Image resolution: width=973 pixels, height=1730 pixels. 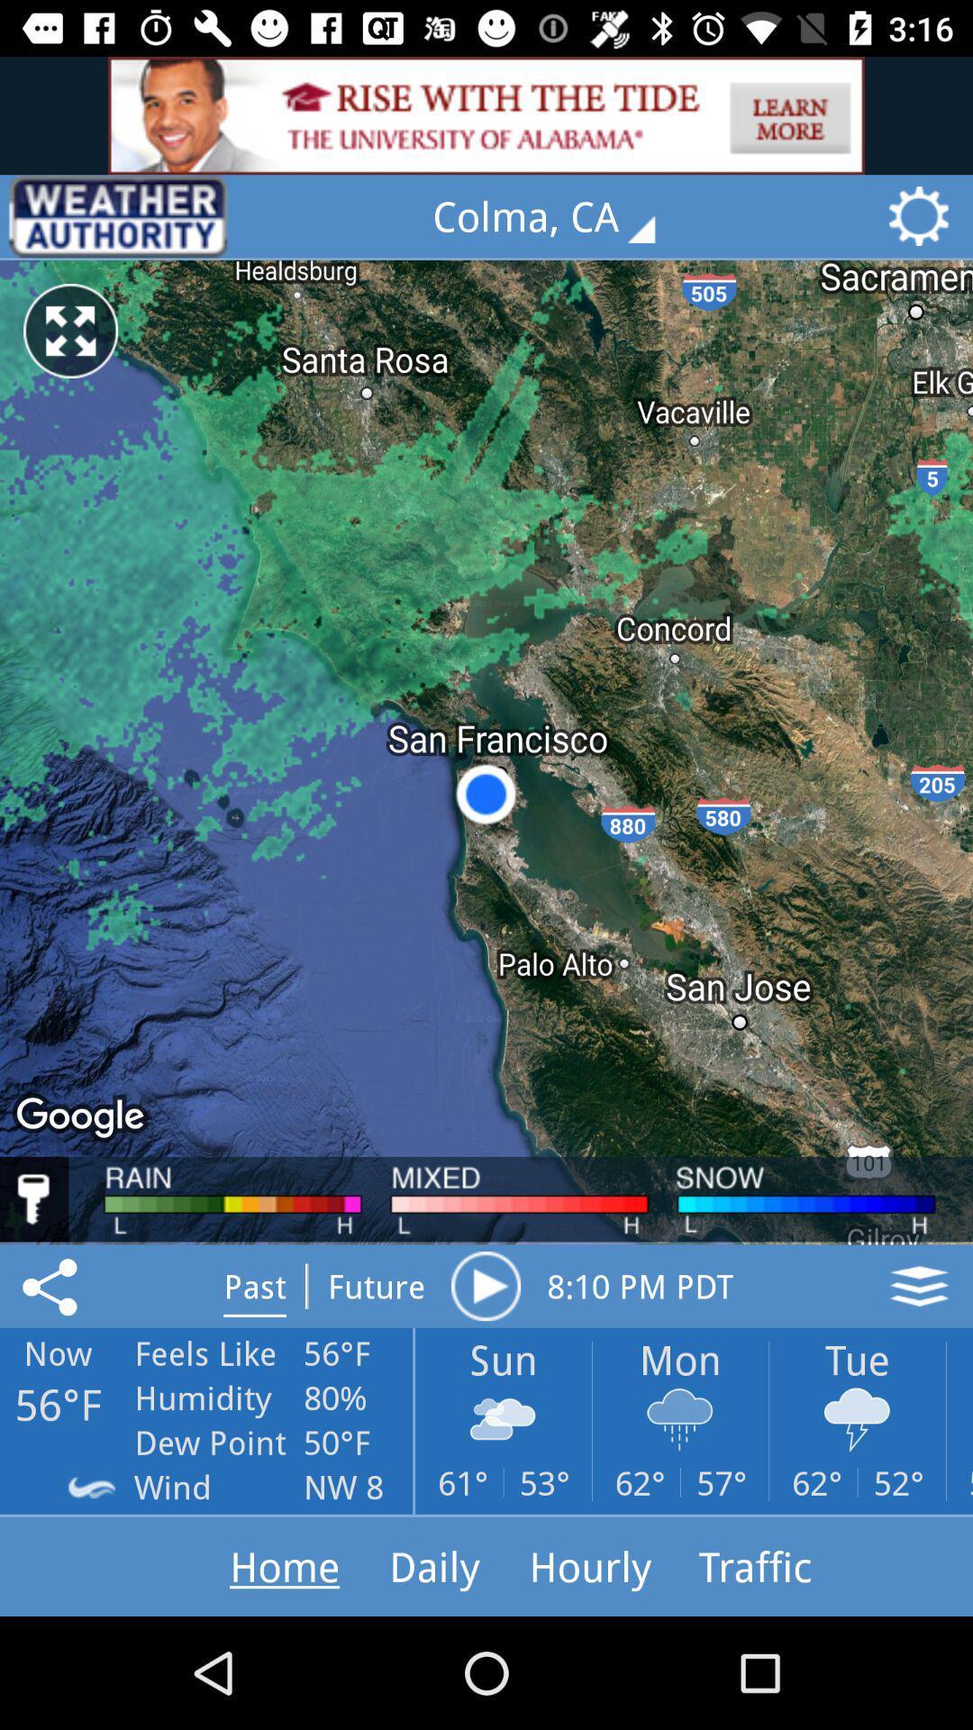 I want to click on the layers icon, so click(x=919, y=1285).